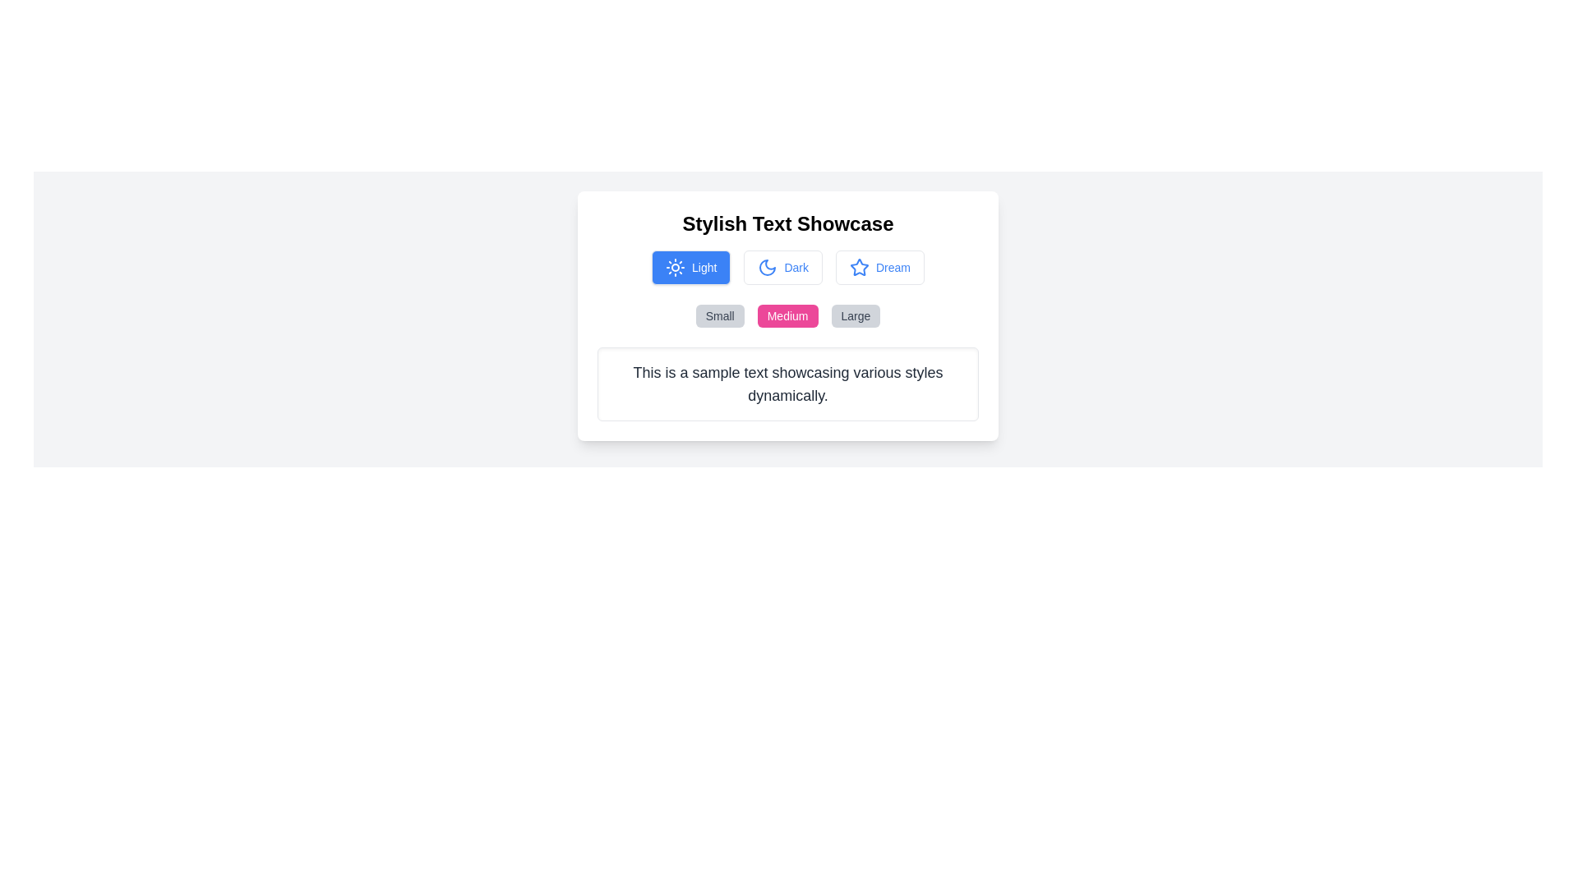  I want to click on the 'Dream' theme icon, which is located to the left of the text 'Dream' in the third button of the theme options, so click(859, 267).